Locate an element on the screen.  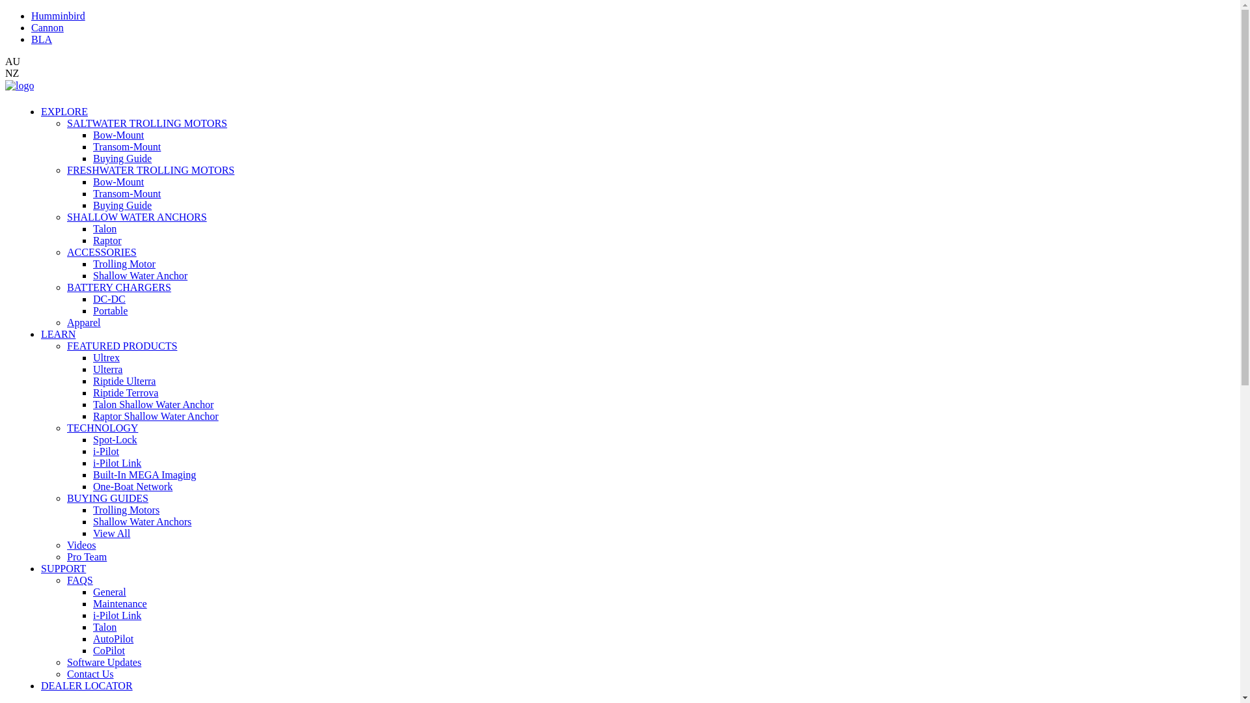
'Shallow Water Anchors' is located at coordinates (92, 521).